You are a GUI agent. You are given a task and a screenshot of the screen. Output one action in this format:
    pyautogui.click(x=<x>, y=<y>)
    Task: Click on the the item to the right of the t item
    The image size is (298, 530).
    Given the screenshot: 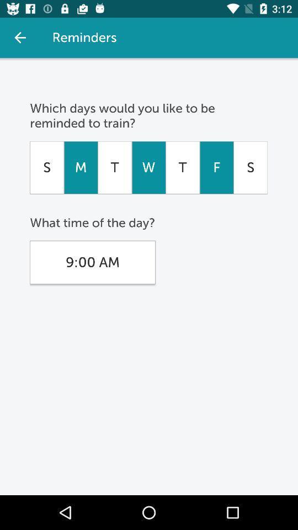 What is the action you would take?
    pyautogui.click(x=148, y=167)
    